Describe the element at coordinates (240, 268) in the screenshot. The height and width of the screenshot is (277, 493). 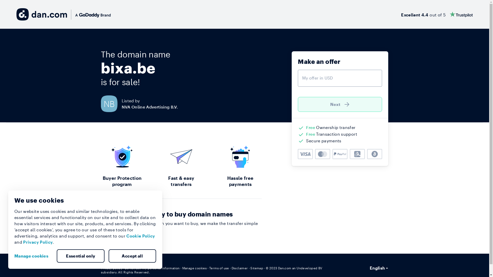
I see `'Disclaimer'` at that location.